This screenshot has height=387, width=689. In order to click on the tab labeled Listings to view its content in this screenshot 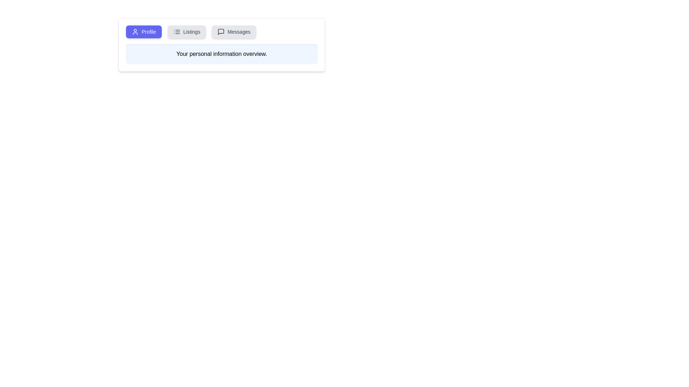, I will do `click(187, 31)`.